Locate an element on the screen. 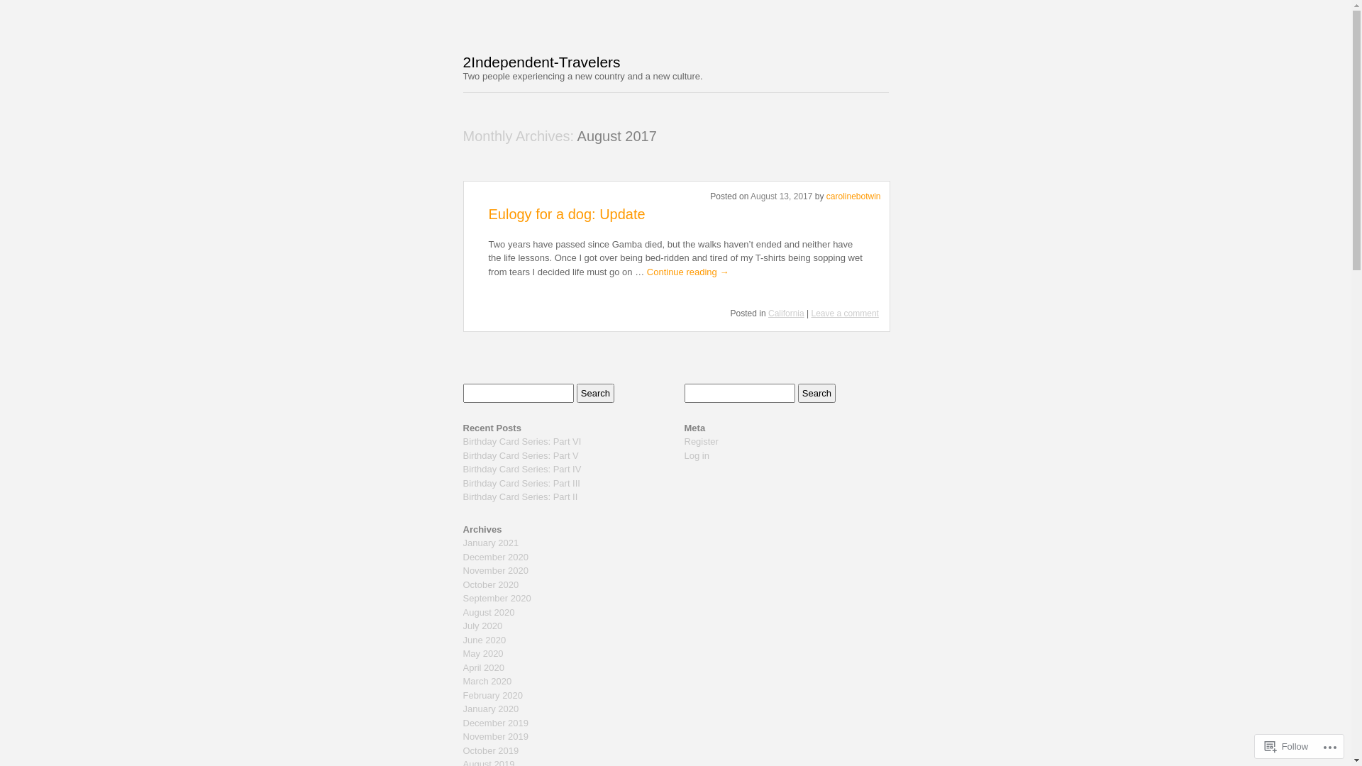  'January 2021' is located at coordinates (463, 543).